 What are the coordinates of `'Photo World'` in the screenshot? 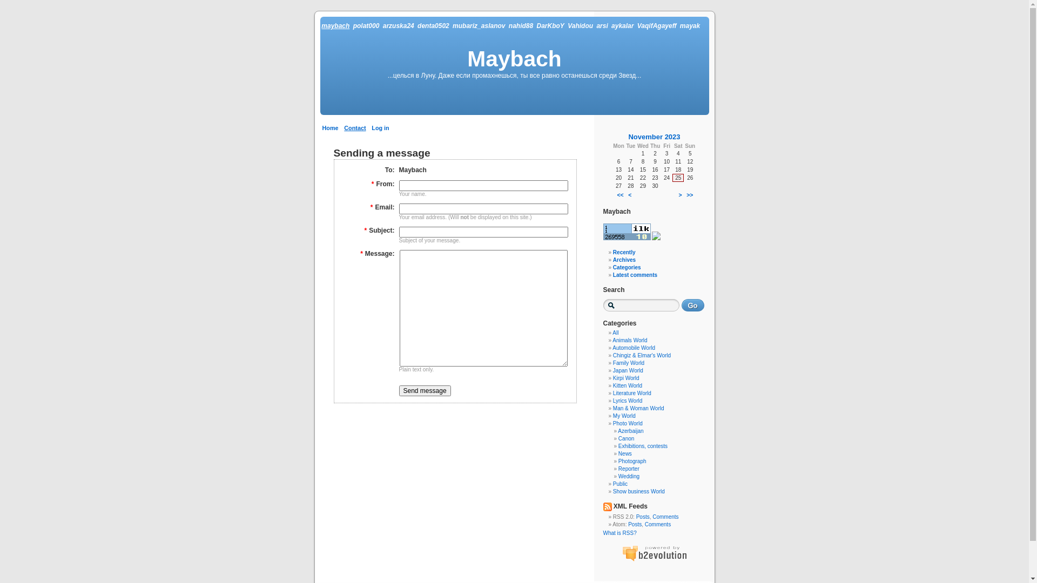 It's located at (628, 423).